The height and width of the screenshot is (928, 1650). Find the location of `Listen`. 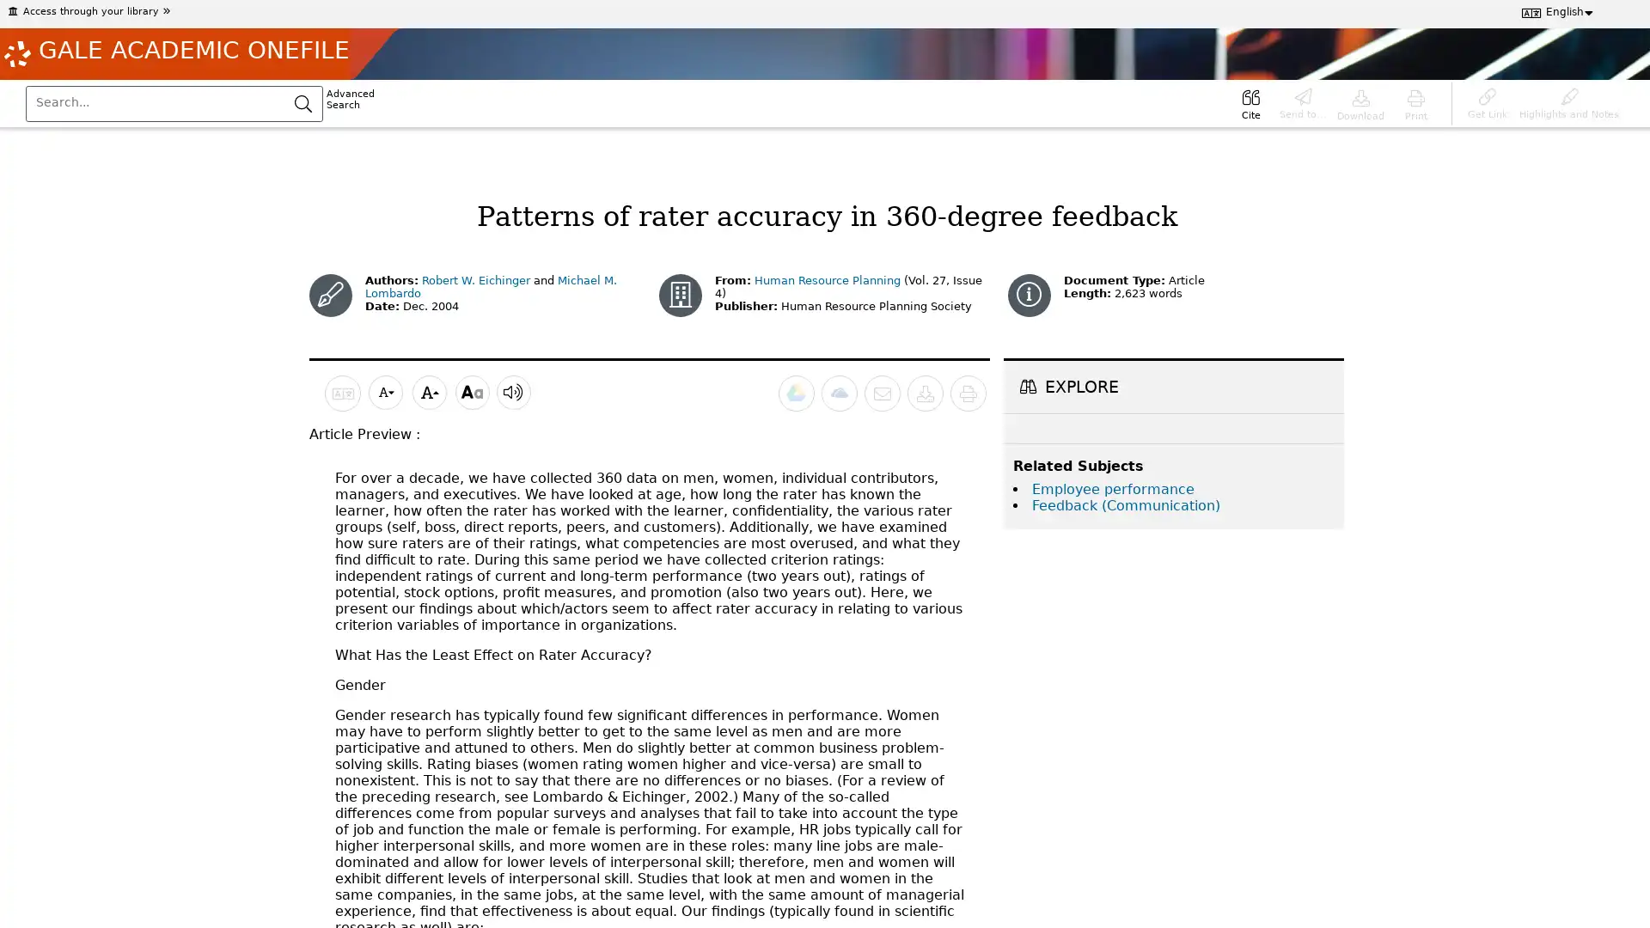

Listen is located at coordinates (511, 392).